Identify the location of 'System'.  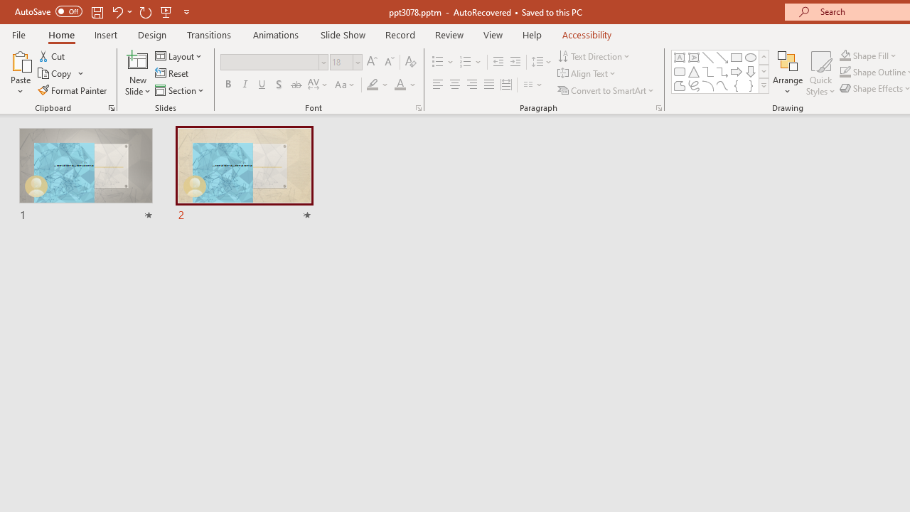
(7, 8).